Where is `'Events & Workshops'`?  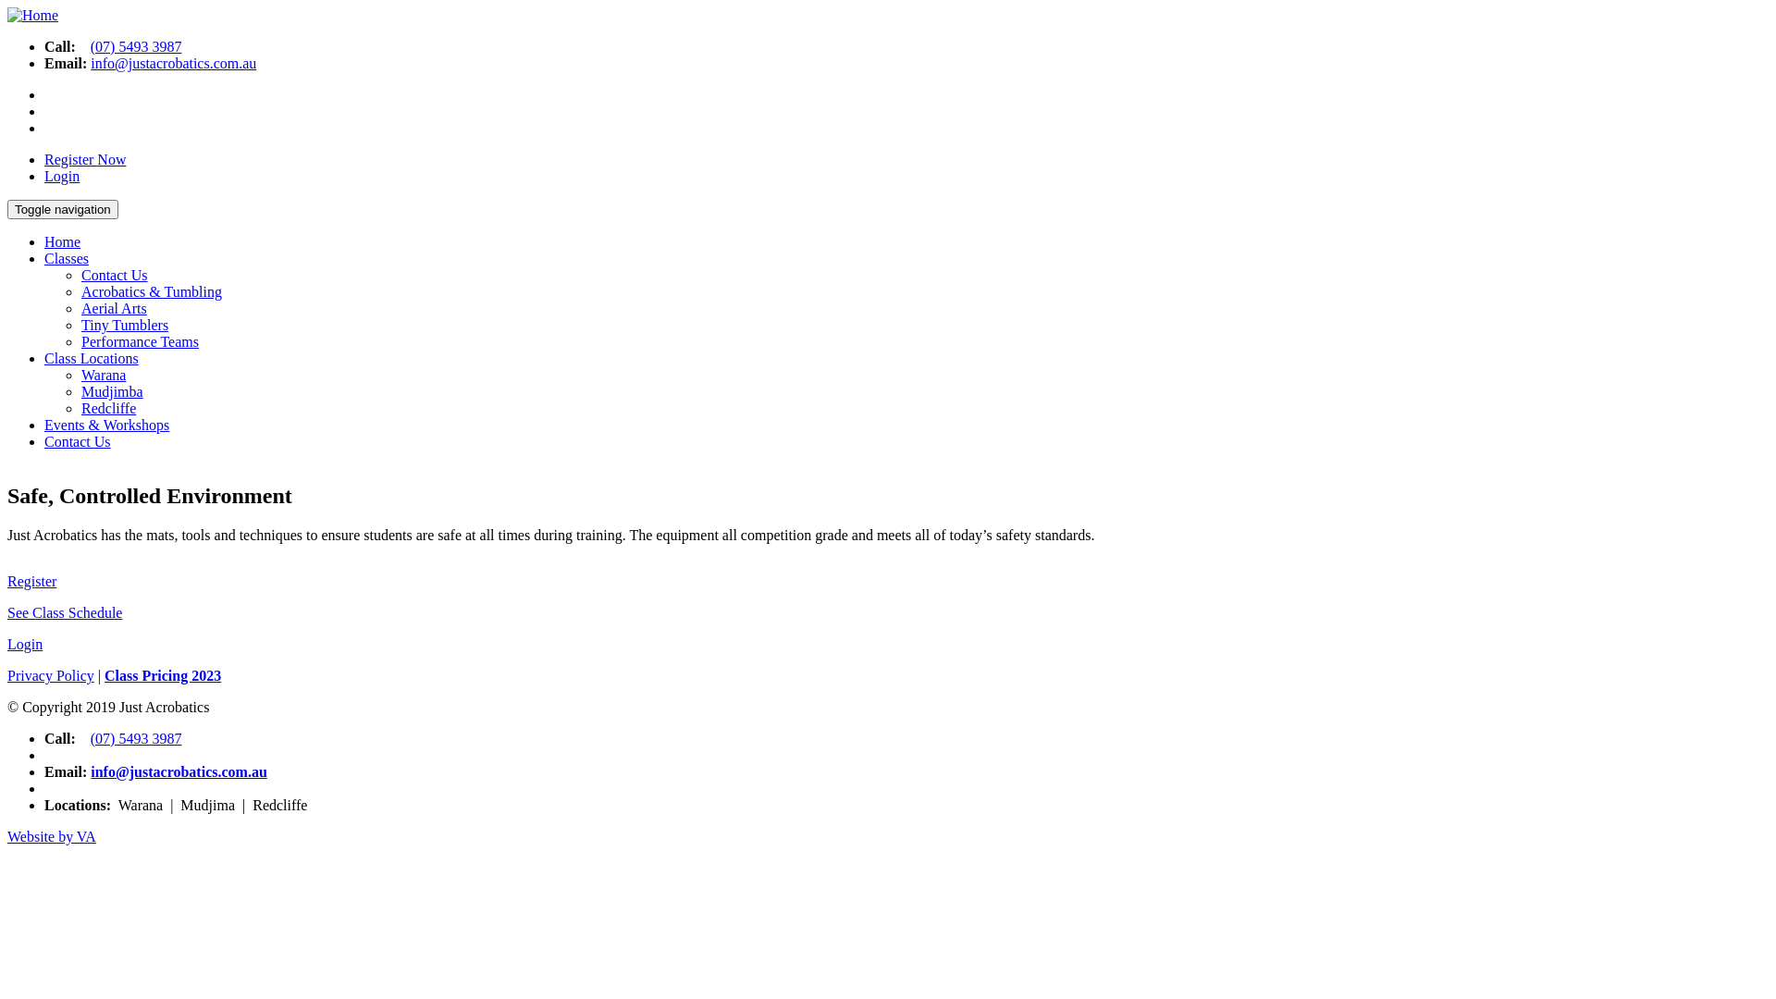
'Events & Workshops' is located at coordinates (105, 425).